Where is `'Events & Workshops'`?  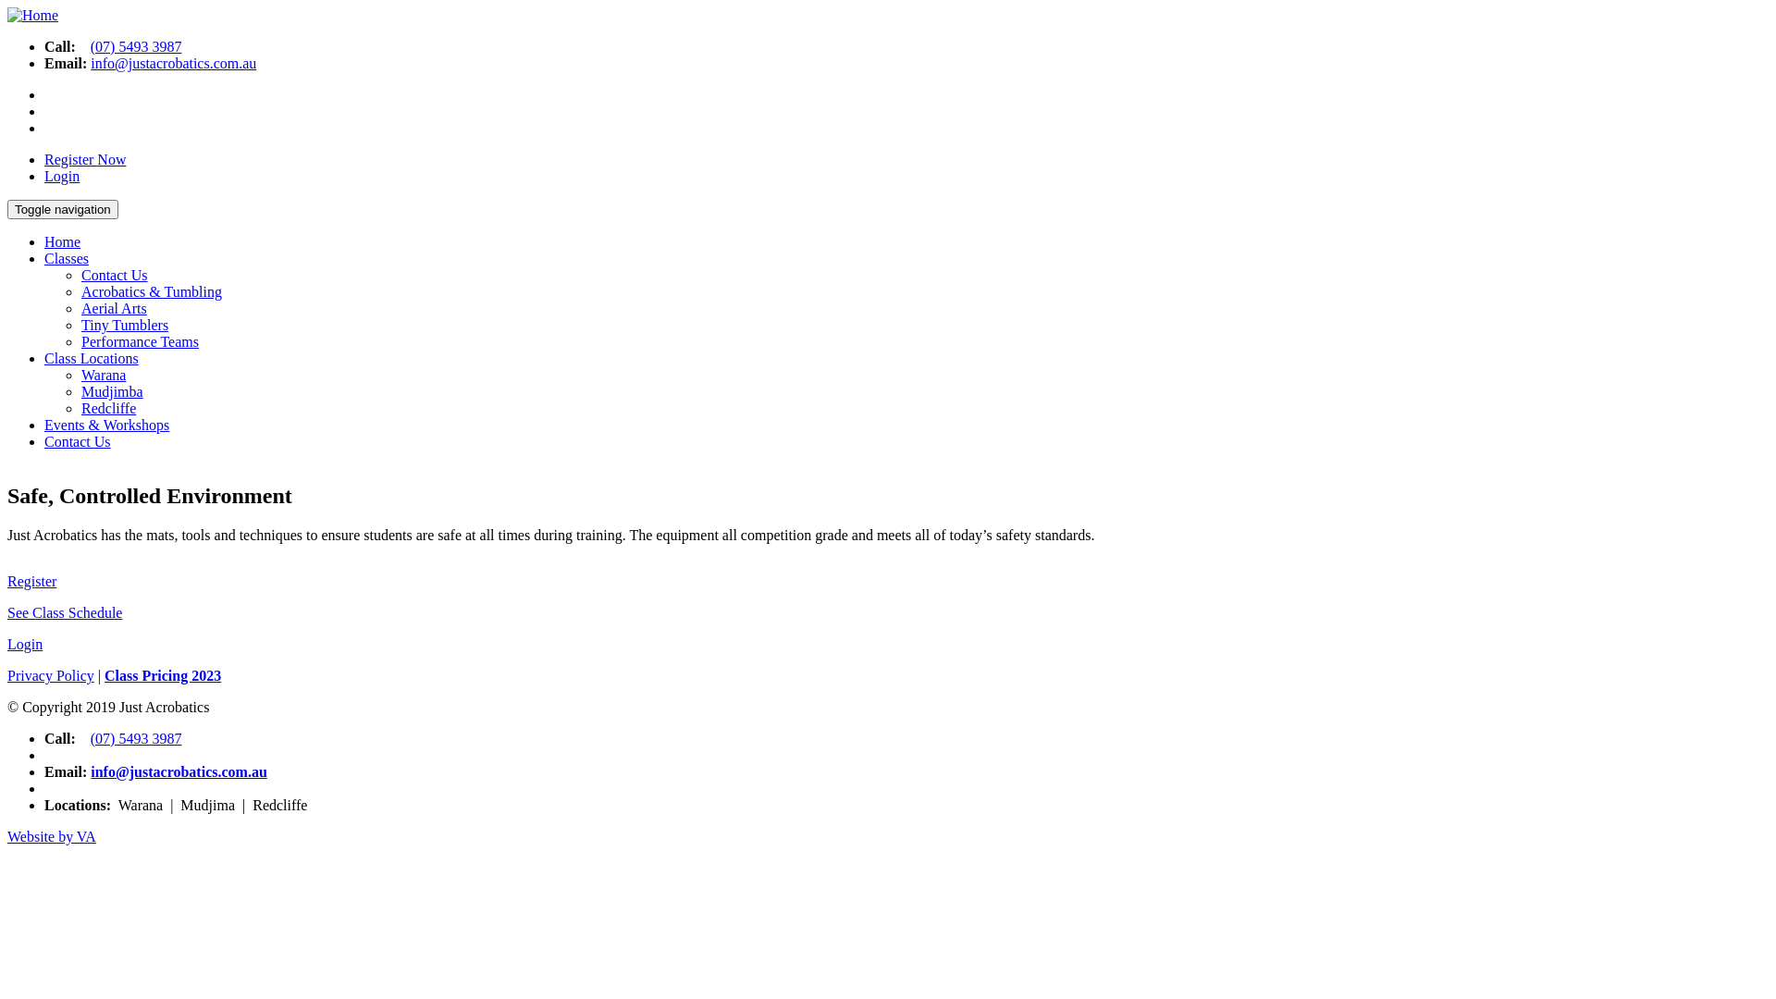
'Events & Workshops' is located at coordinates (105, 425).